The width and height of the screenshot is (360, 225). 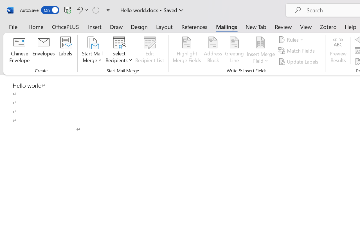 I want to click on 'Match Fields...', so click(x=297, y=50).